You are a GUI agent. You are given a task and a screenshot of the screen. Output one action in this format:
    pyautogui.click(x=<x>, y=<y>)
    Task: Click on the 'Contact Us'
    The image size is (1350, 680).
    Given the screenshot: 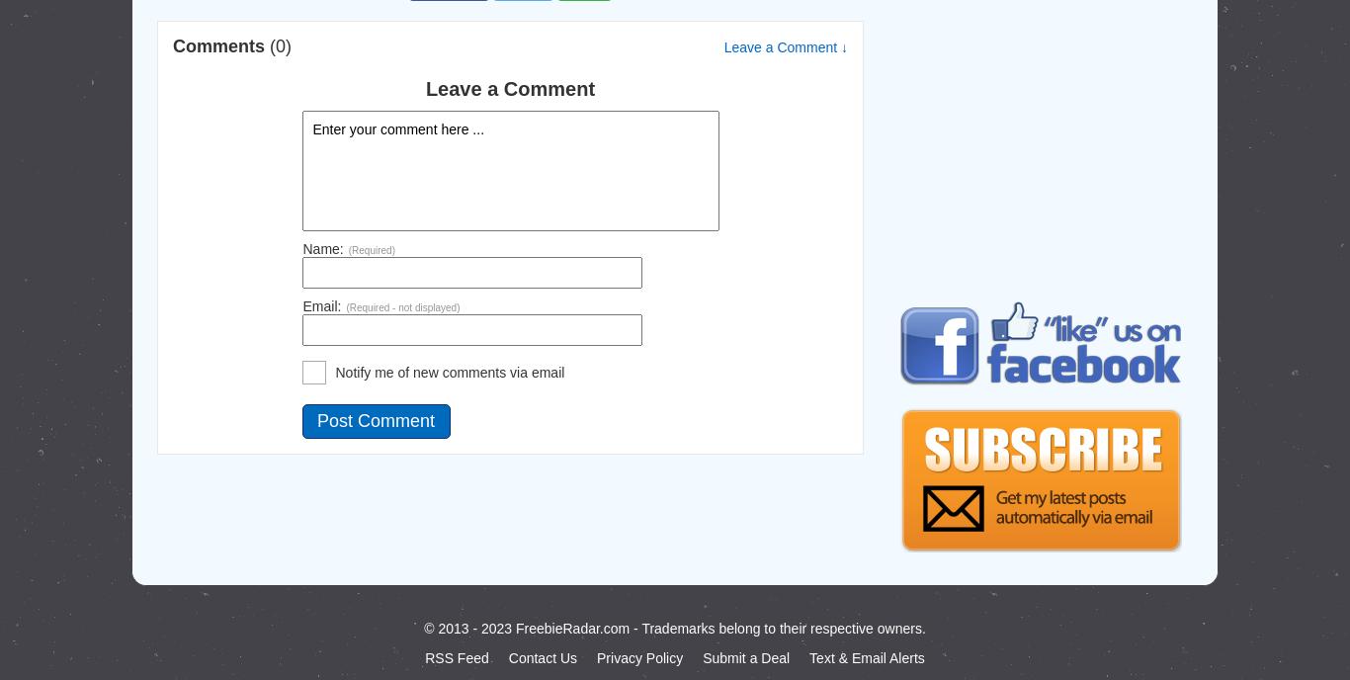 What is the action you would take?
    pyautogui.click(x=508, y=656)
    